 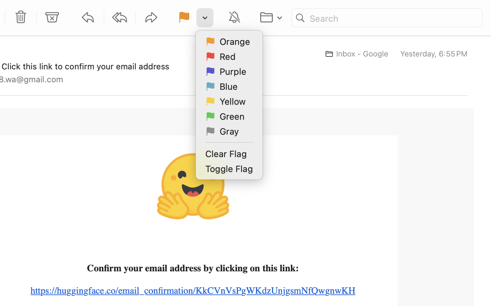 I want to click on 'Yesterday, 6:55 PM', so click(x=434, y=54).